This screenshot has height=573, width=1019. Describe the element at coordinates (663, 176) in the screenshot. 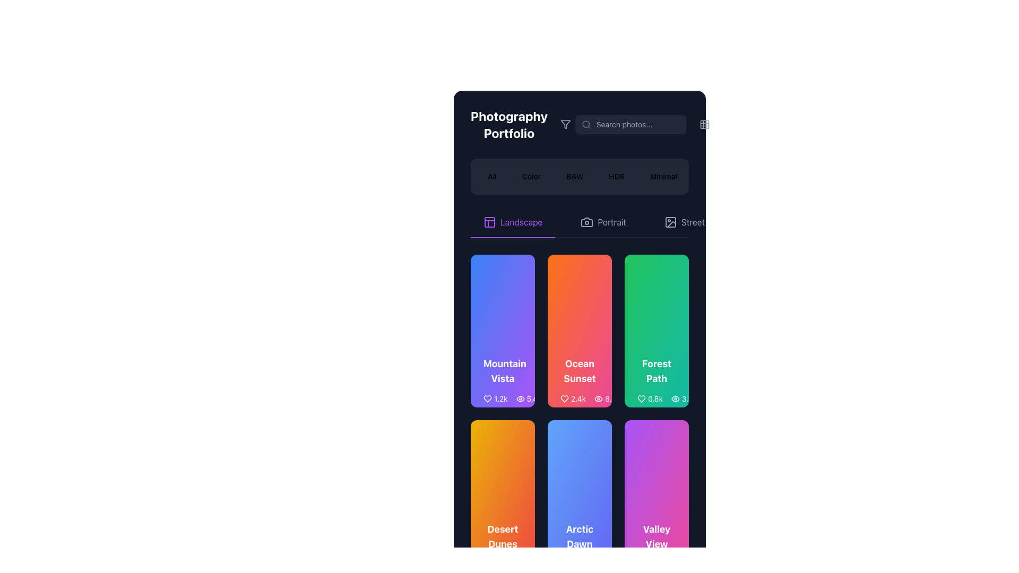

I see `the filter button that updates the displayed content` at that location.